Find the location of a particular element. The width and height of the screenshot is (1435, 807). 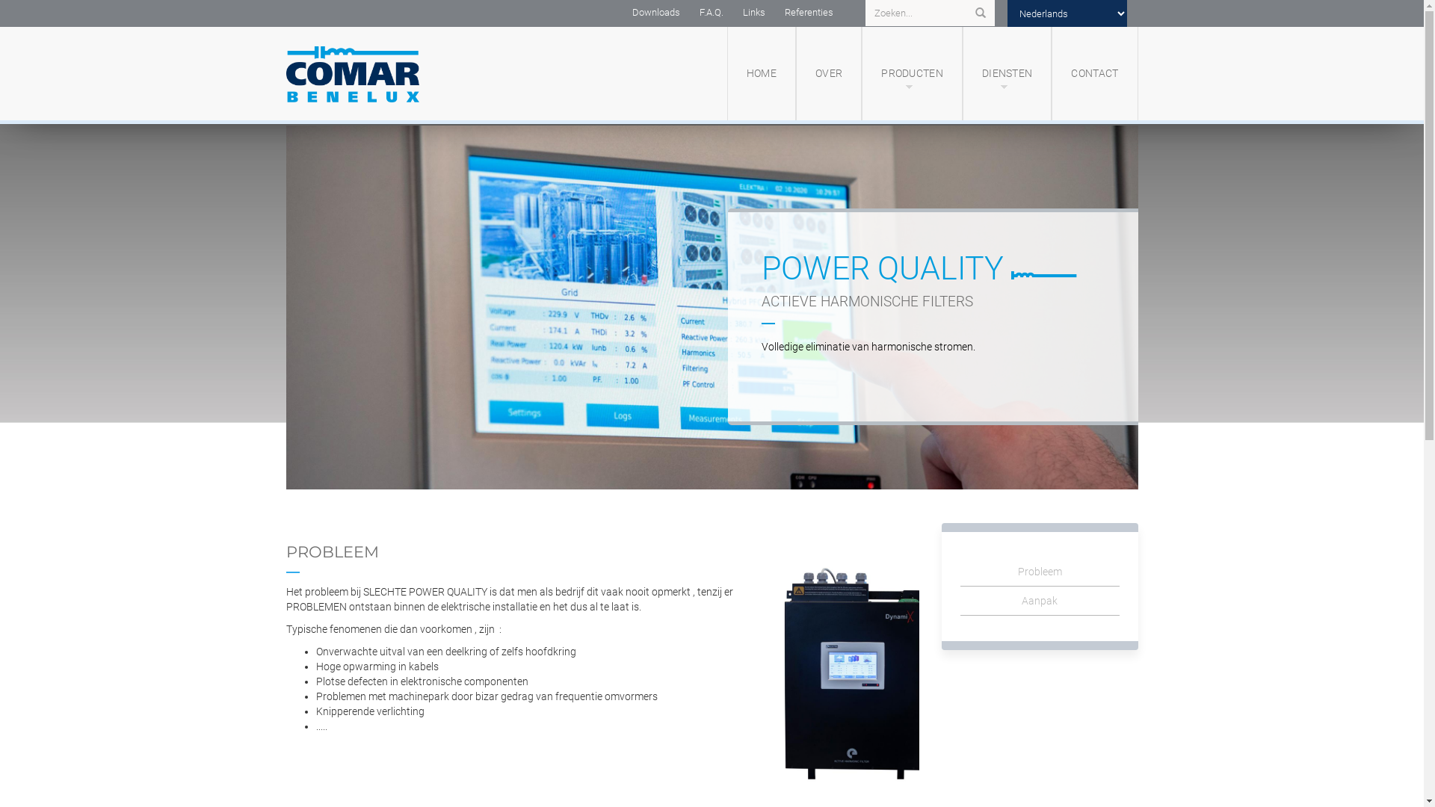

'HOME' is located at coordinates (761, 73).